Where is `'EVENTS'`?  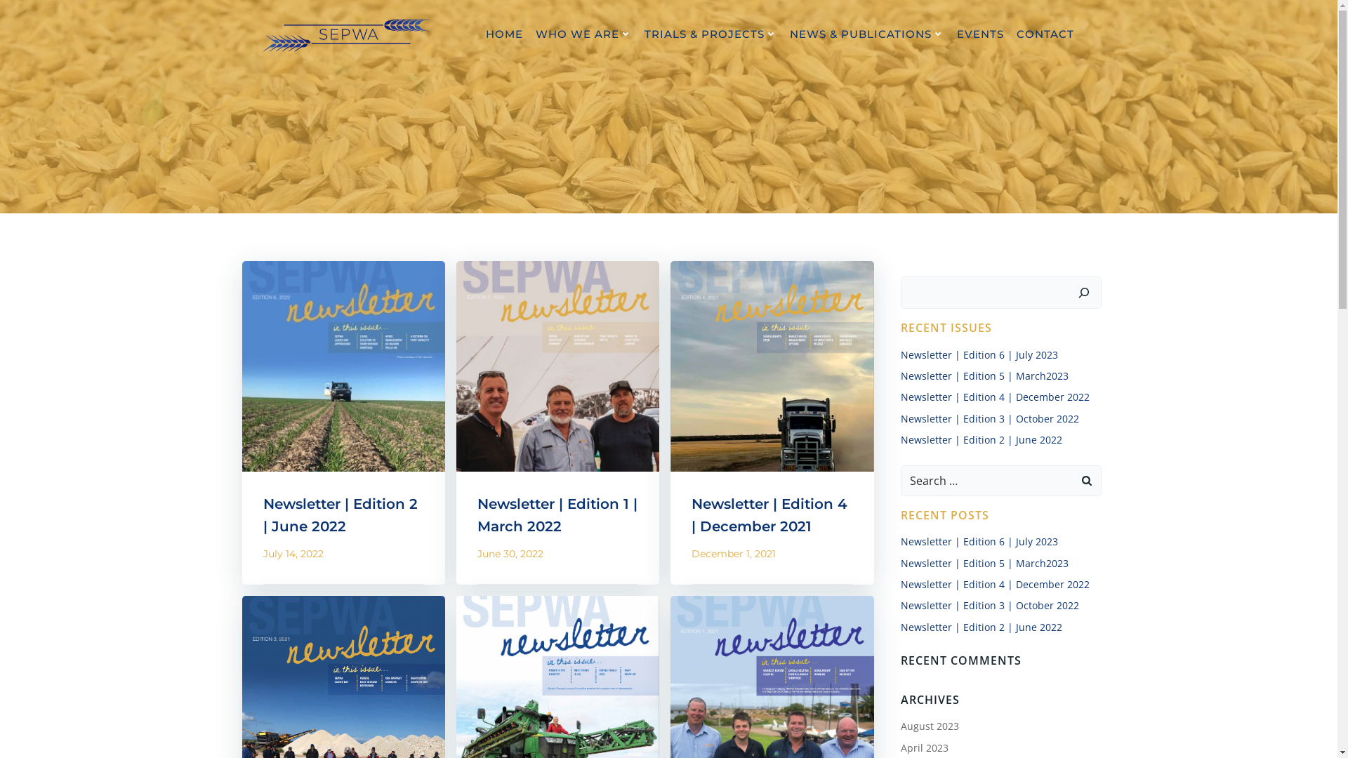 'EVENTS' is located at coordinates (979, 34).